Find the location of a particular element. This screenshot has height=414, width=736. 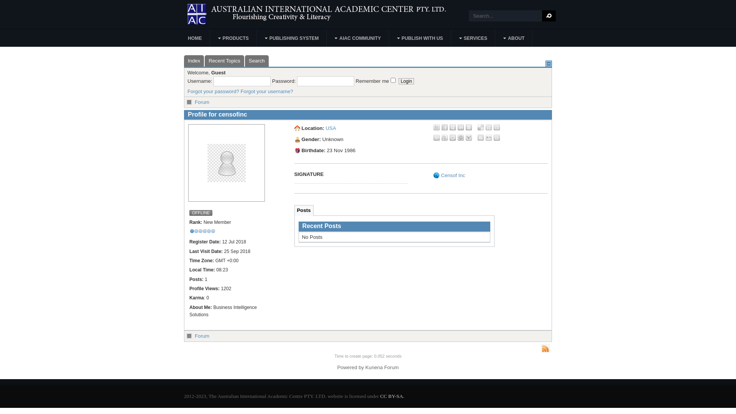

'AIAC COMMUNITY' is located at coordinates (327, 38).